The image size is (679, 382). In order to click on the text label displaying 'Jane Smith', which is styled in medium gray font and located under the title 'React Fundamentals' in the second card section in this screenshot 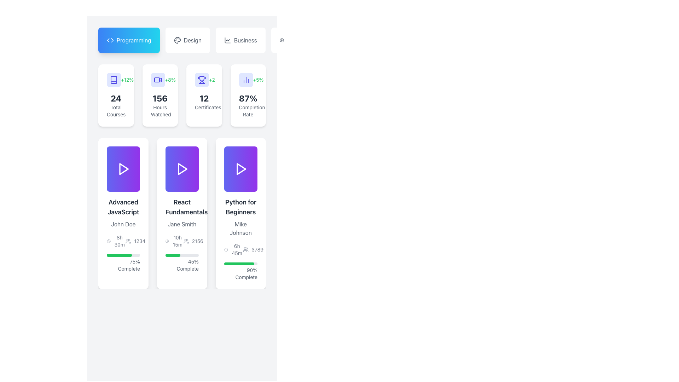, I will do `click(182, 224)`.